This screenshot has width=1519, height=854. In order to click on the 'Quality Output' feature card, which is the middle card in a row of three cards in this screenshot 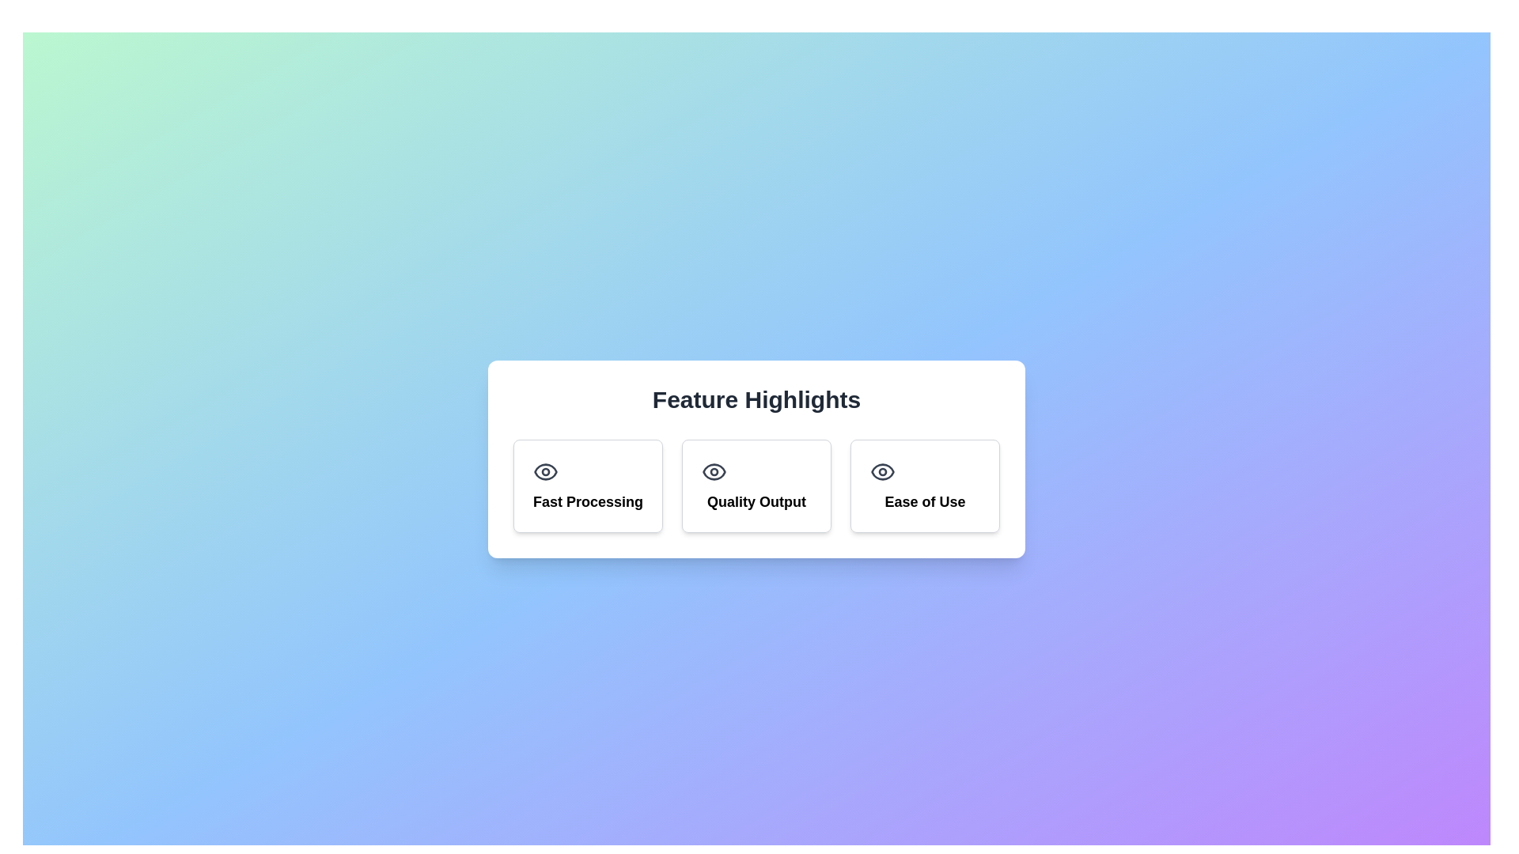, I will do `click(756, 485)`.